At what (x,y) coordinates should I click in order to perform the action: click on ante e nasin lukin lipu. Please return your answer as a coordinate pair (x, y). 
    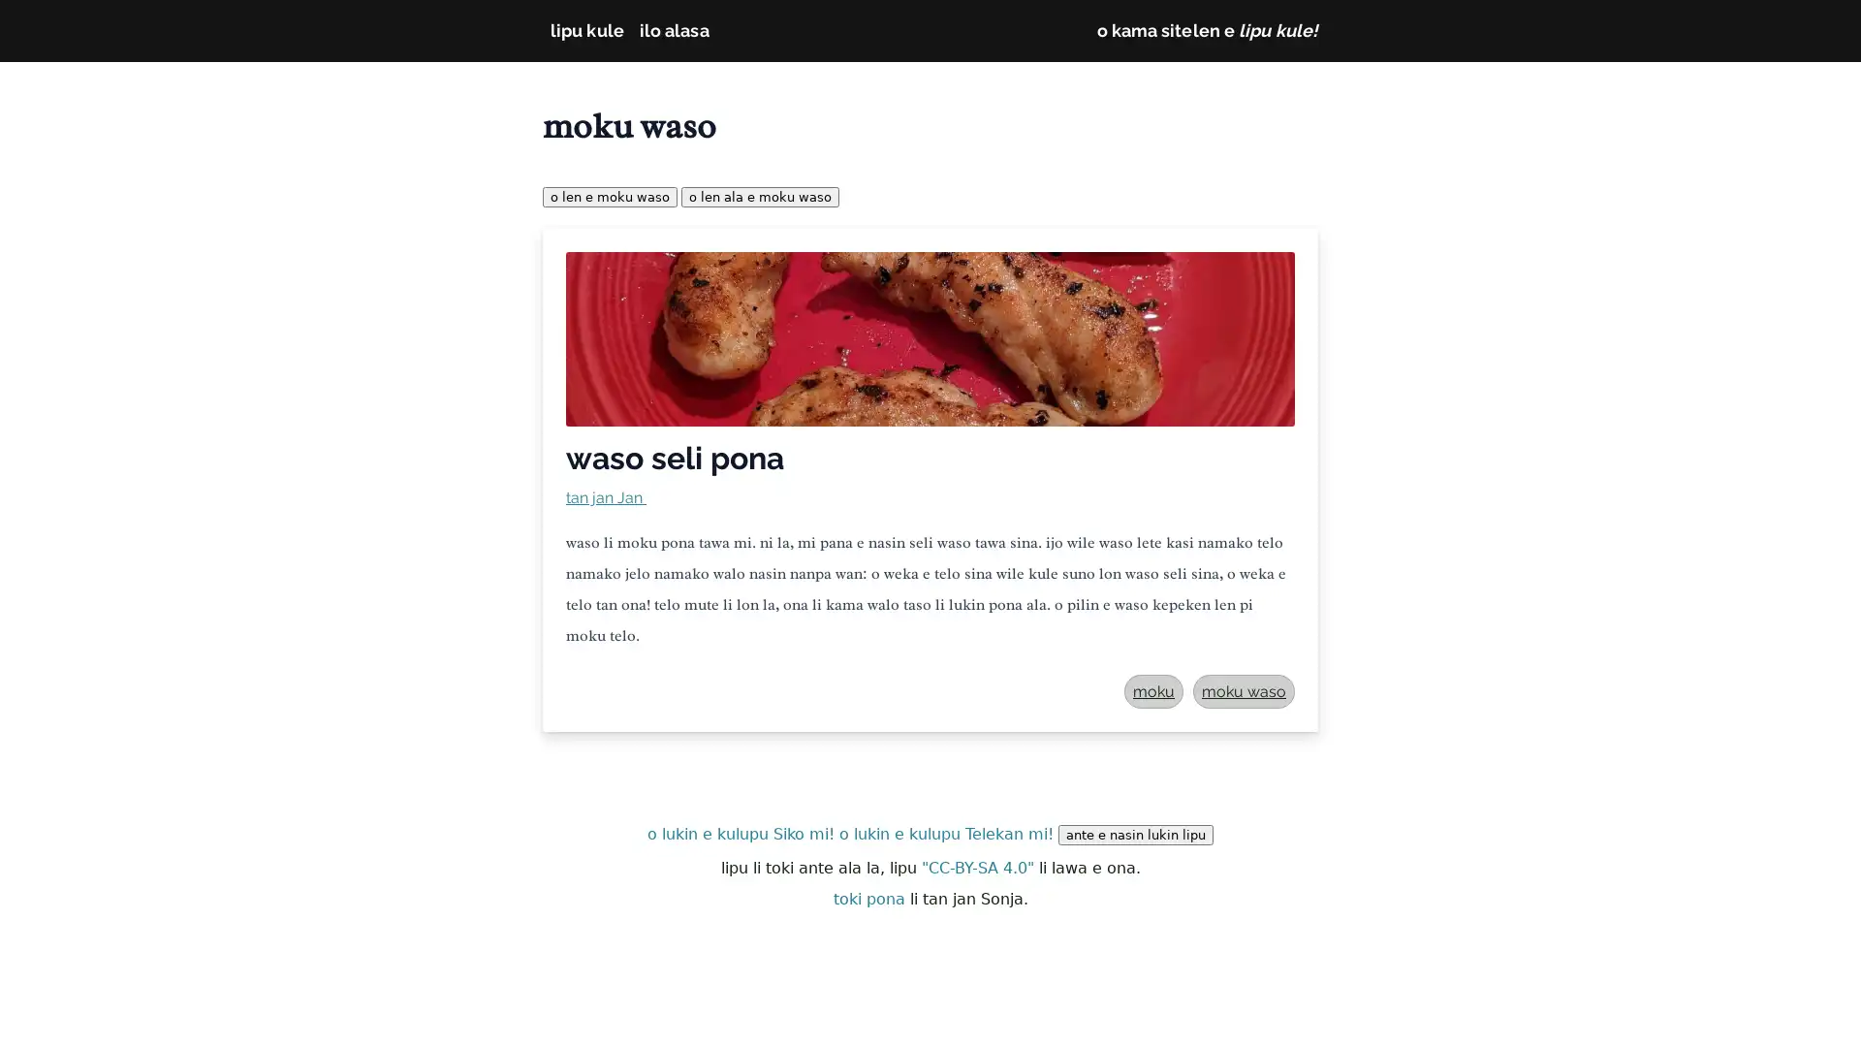
    Looking at the image, I should click on (1135, 834).